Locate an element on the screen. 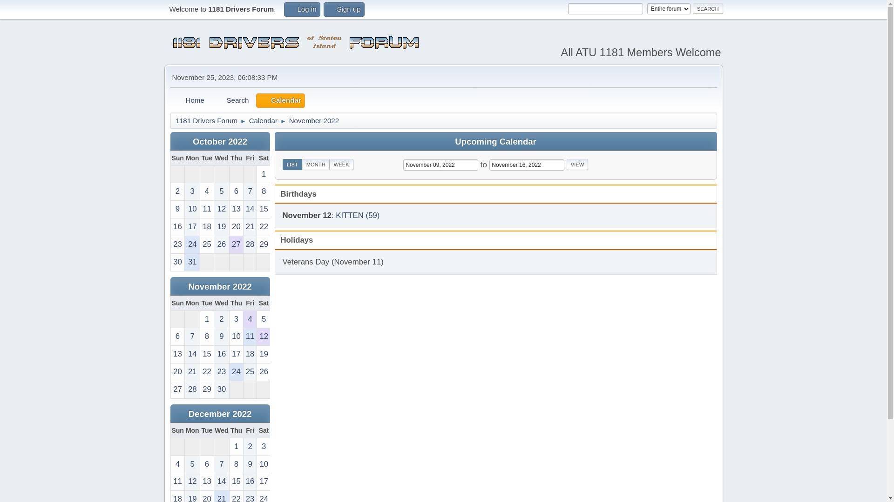 The height and width of the screenshot is (502, 894). 'December 2022' is located at coordinates (220, 413).